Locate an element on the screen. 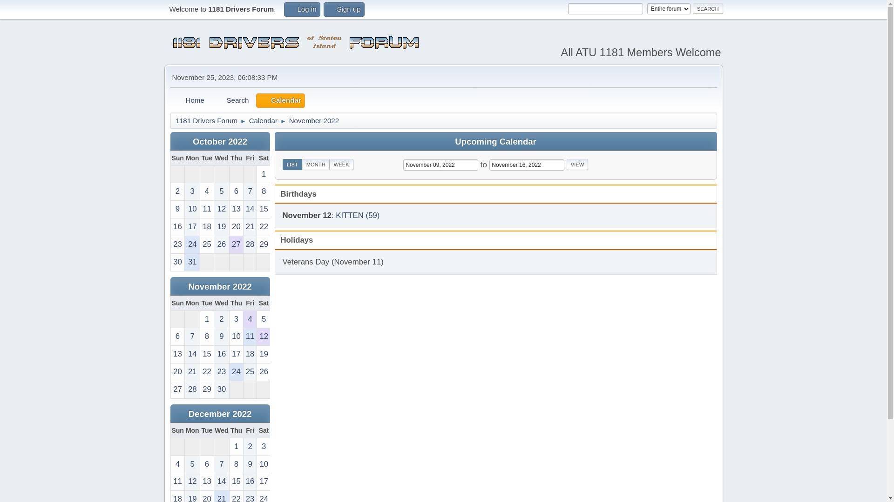 The height and width of the screenshot is (502, 894). 'December 2022' is located at coordinates (220, 413).